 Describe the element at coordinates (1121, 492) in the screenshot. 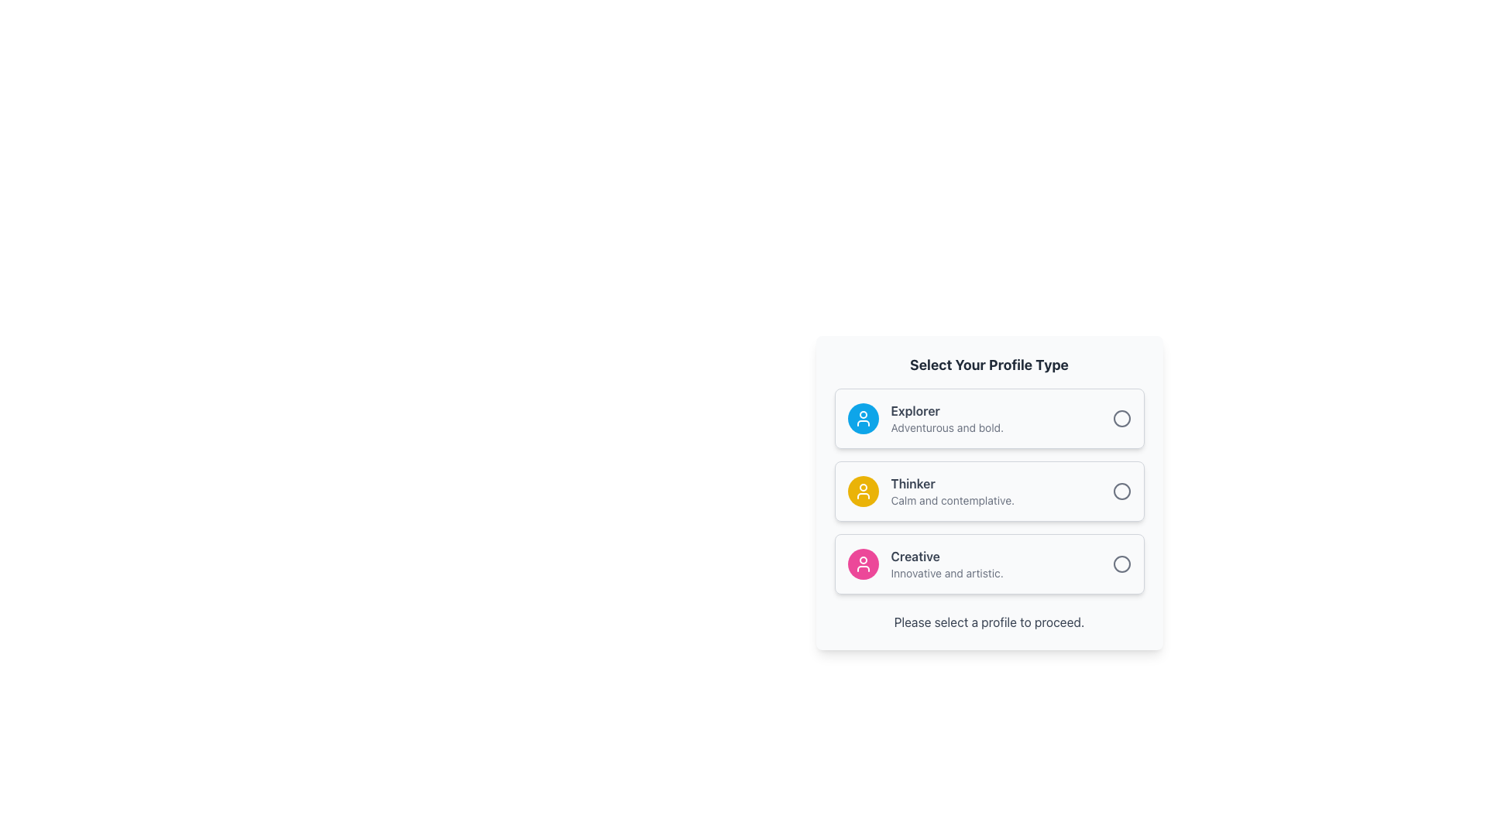

I see `the Toggle button for selecting the 'Thinker' profile located in the 'Select Your Profile Type' list, positioned to the far right of the section's content` at that location.